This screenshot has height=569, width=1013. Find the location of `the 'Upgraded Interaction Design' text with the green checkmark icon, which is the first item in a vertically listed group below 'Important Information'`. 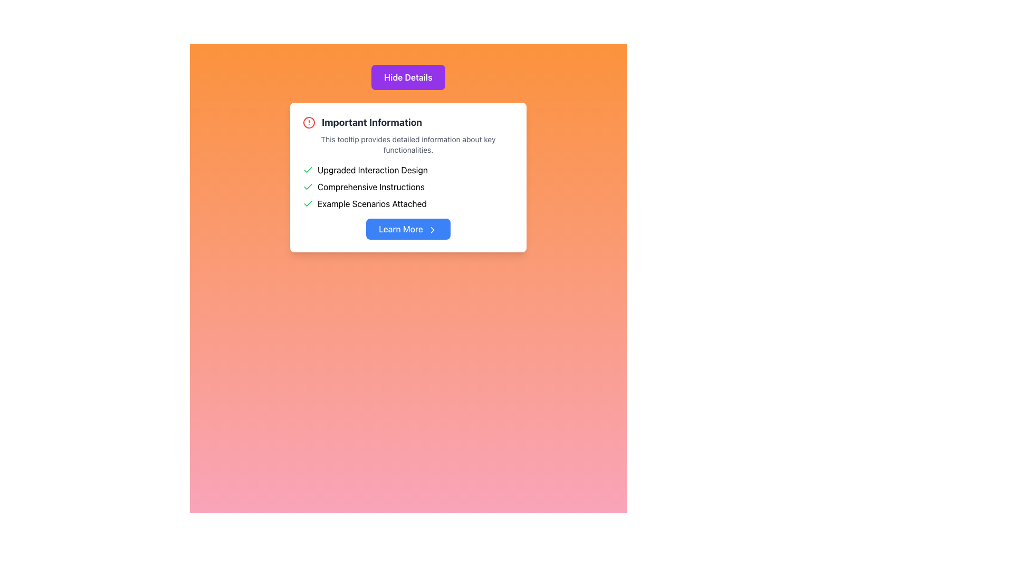

the 'Upgraded Interaction Design' text with the green checkmark icon, which is the first item in a vertically listed group below 'Important Information' is located at coordinates (407, 170).